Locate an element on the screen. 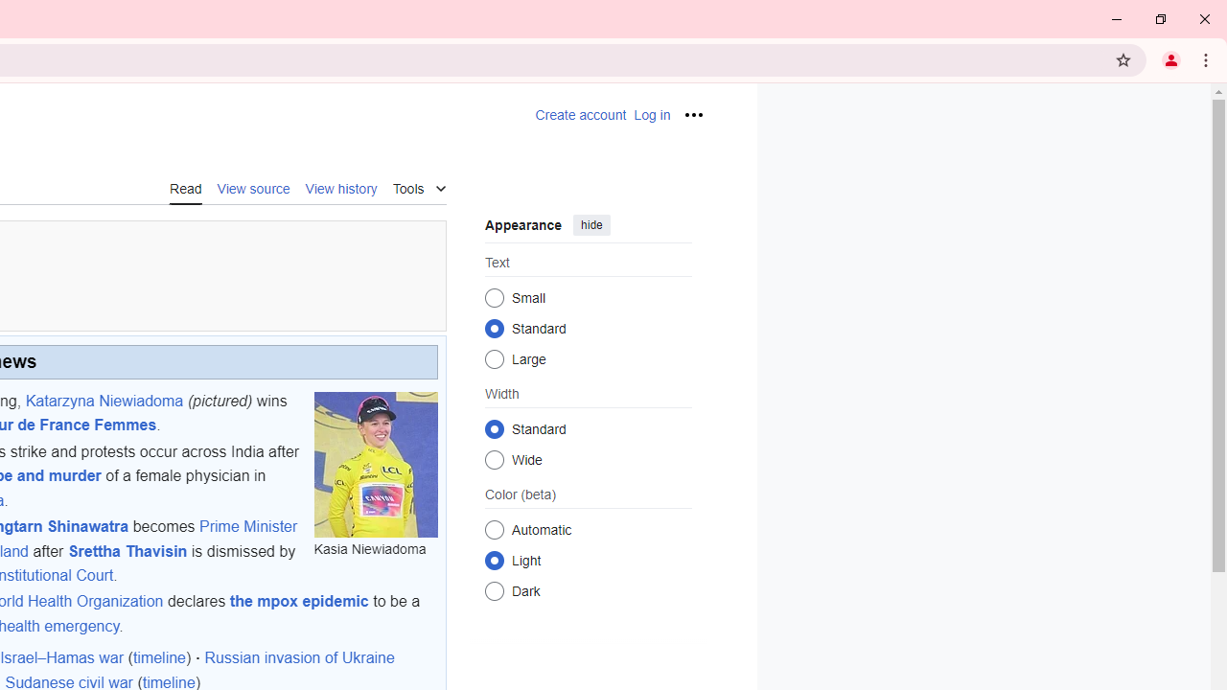 This screenshot has height=690, width=1227. 'Light' is located at coordinates (494, 560).